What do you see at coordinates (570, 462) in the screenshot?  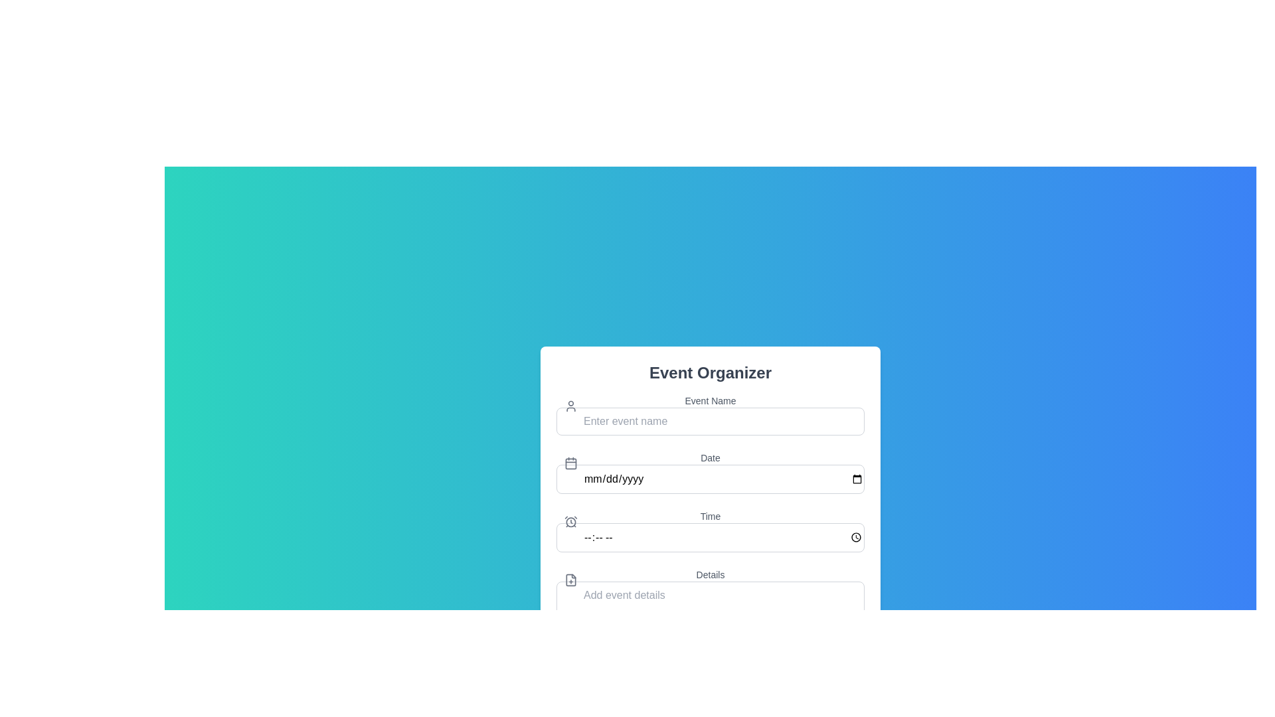 I see `the calendar icon positioned to the left of the 'mm/dd/yyyy' input field to signify date value input` at bounding box center [570, 462].